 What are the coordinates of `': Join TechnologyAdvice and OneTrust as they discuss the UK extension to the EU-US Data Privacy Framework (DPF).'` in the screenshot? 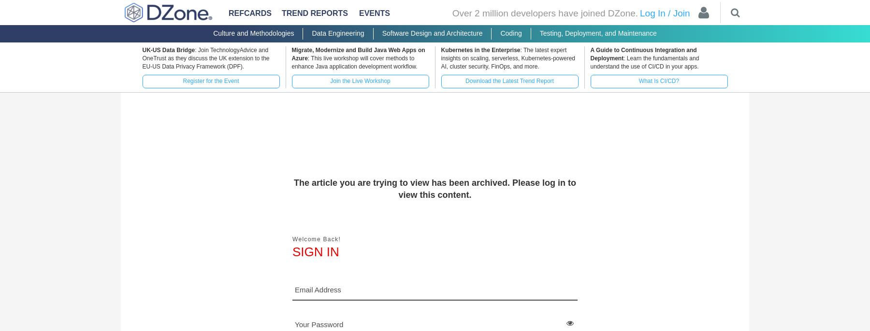 It's located at (205, 58).